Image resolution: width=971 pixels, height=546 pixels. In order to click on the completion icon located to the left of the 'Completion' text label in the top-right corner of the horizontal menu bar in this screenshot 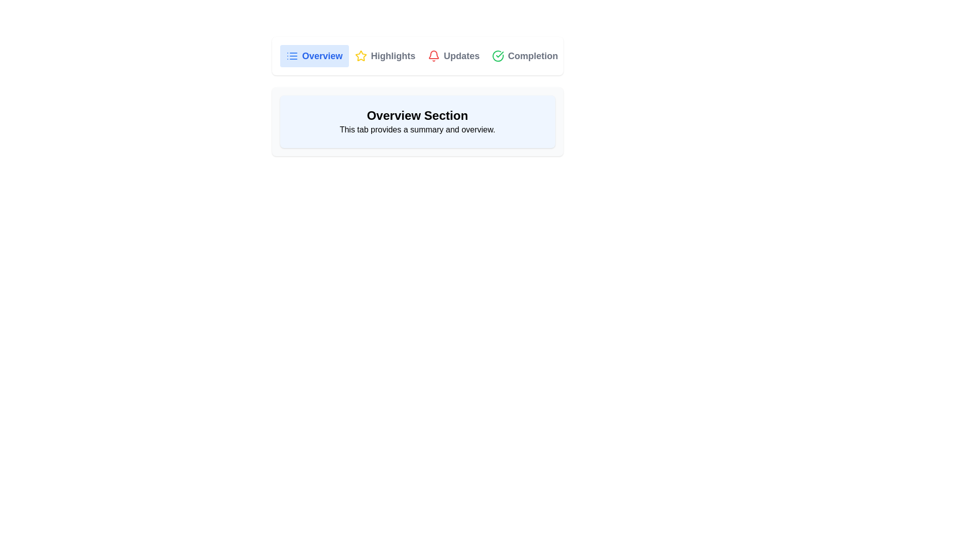, I will do `click(498, 56)`.